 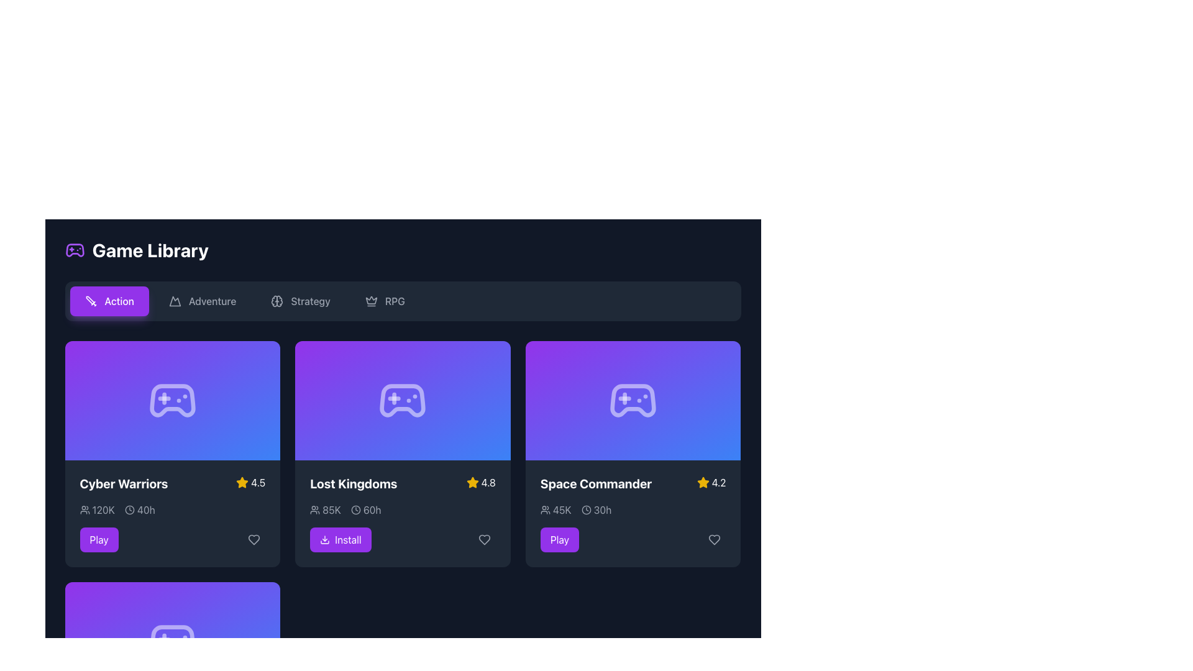 I want to click on the 'like' button located in the bottom-right corner of the 'Cyber Warriors' card to change its color, so click(x=254, y=539).